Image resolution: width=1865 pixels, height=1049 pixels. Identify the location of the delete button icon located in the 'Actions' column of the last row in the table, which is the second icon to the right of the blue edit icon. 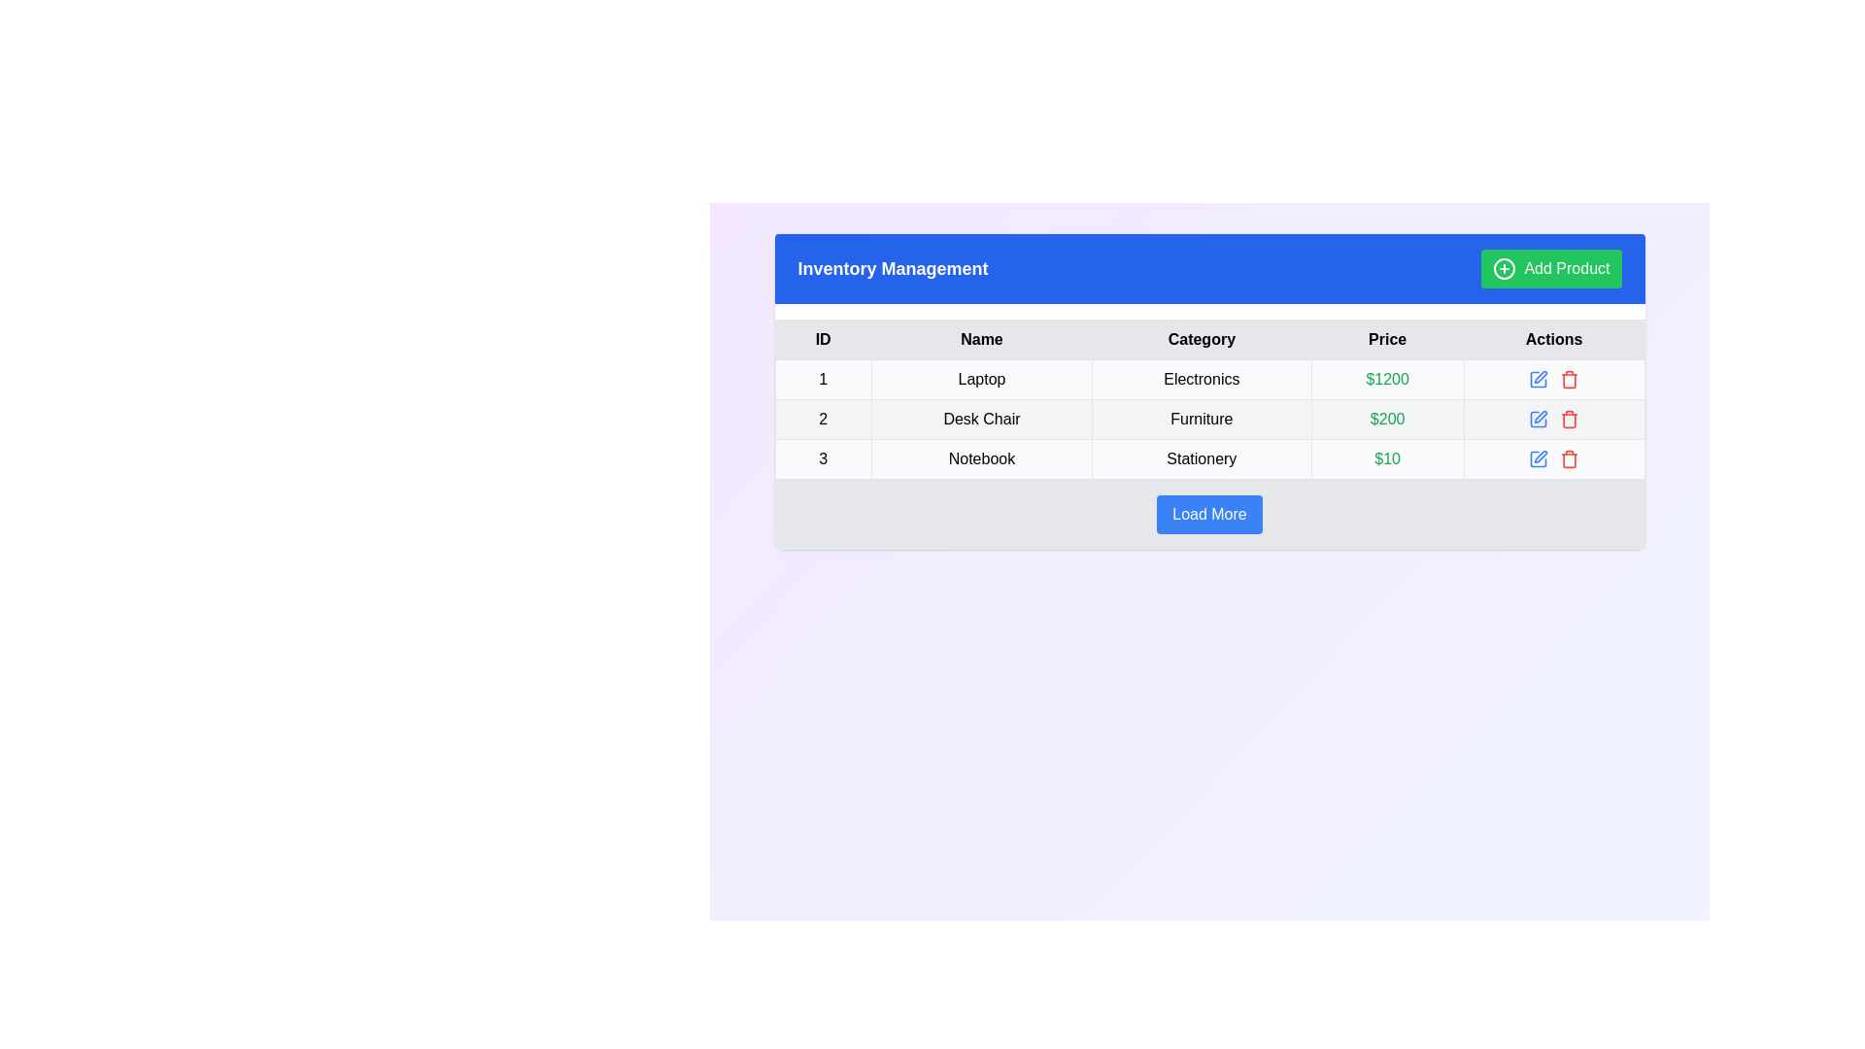
(1570, 459).